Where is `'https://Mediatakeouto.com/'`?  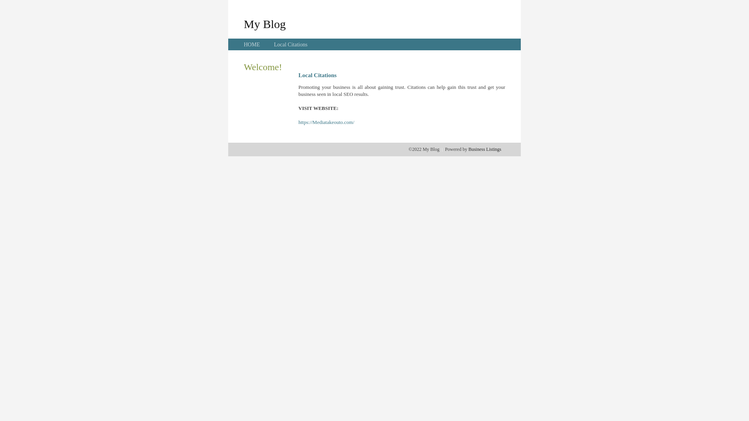 'https://Mediatakeouto.com/' is located at coordinates (326, 122).